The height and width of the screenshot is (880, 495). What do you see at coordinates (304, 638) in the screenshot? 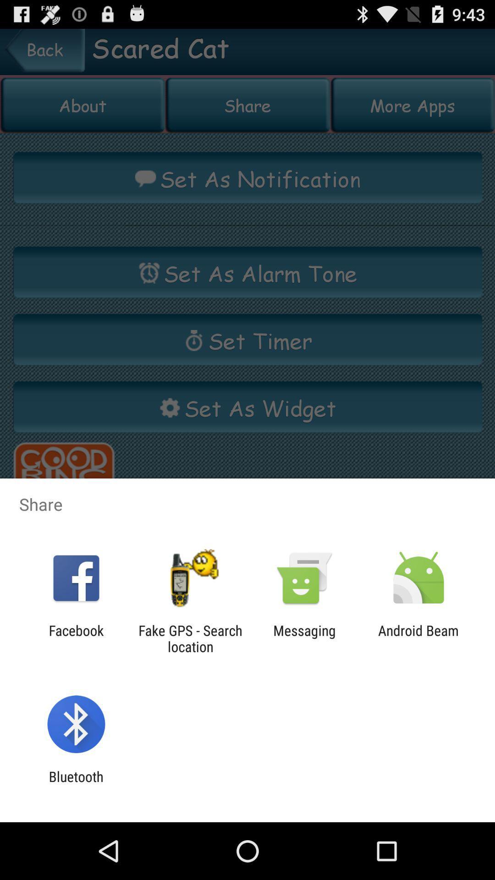
I see `the item to the right of the fake gps search icon` at bounding box center [304, 638].